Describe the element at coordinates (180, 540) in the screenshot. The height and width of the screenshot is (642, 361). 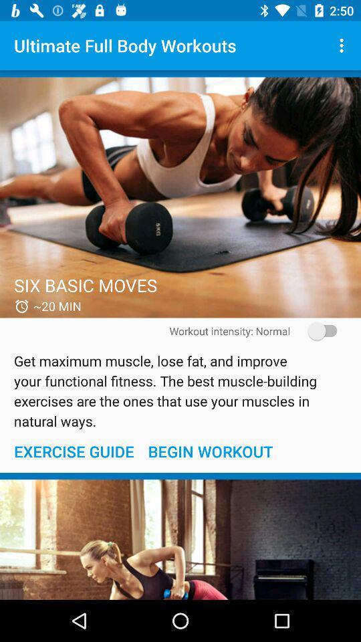
I see `picture space display` at that location.